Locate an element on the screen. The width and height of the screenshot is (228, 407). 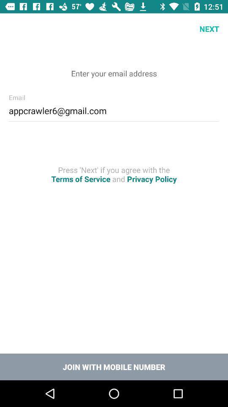
item below enter your email icon is located at coordinates (114, 109).